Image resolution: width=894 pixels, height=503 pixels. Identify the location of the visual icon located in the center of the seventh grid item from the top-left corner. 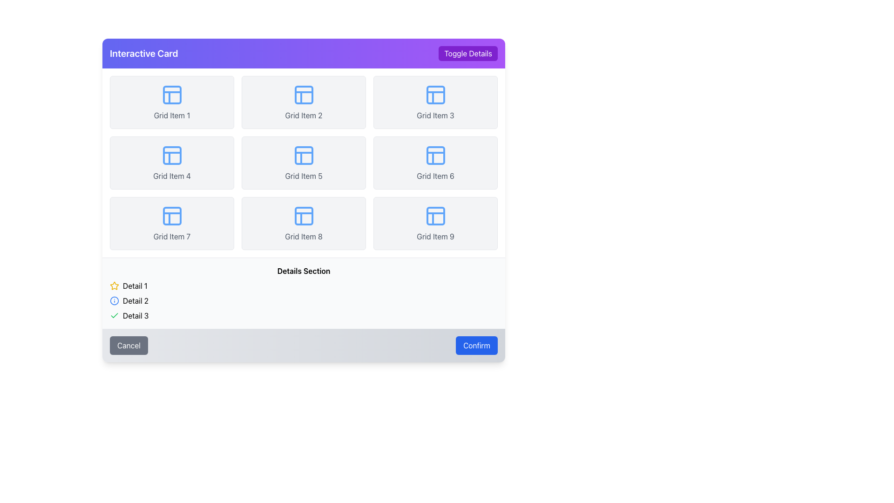
(172, 216).